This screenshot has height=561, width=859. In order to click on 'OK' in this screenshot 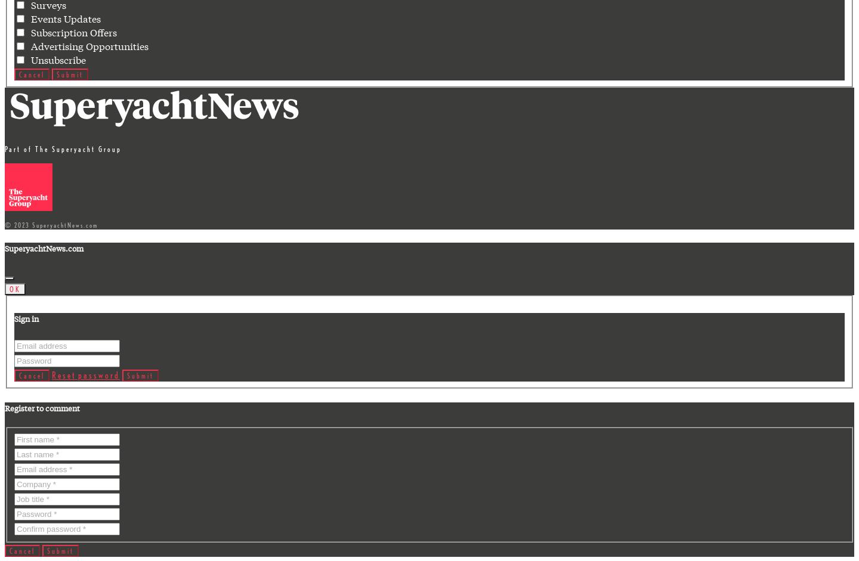, I will do `click(8, 288)`.